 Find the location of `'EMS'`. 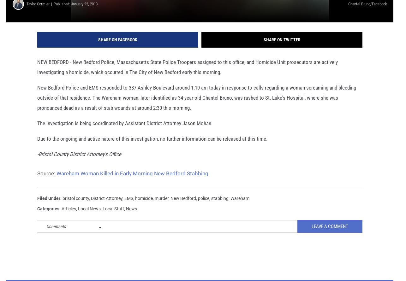

'EMS' is located at coordinates (124, 207).